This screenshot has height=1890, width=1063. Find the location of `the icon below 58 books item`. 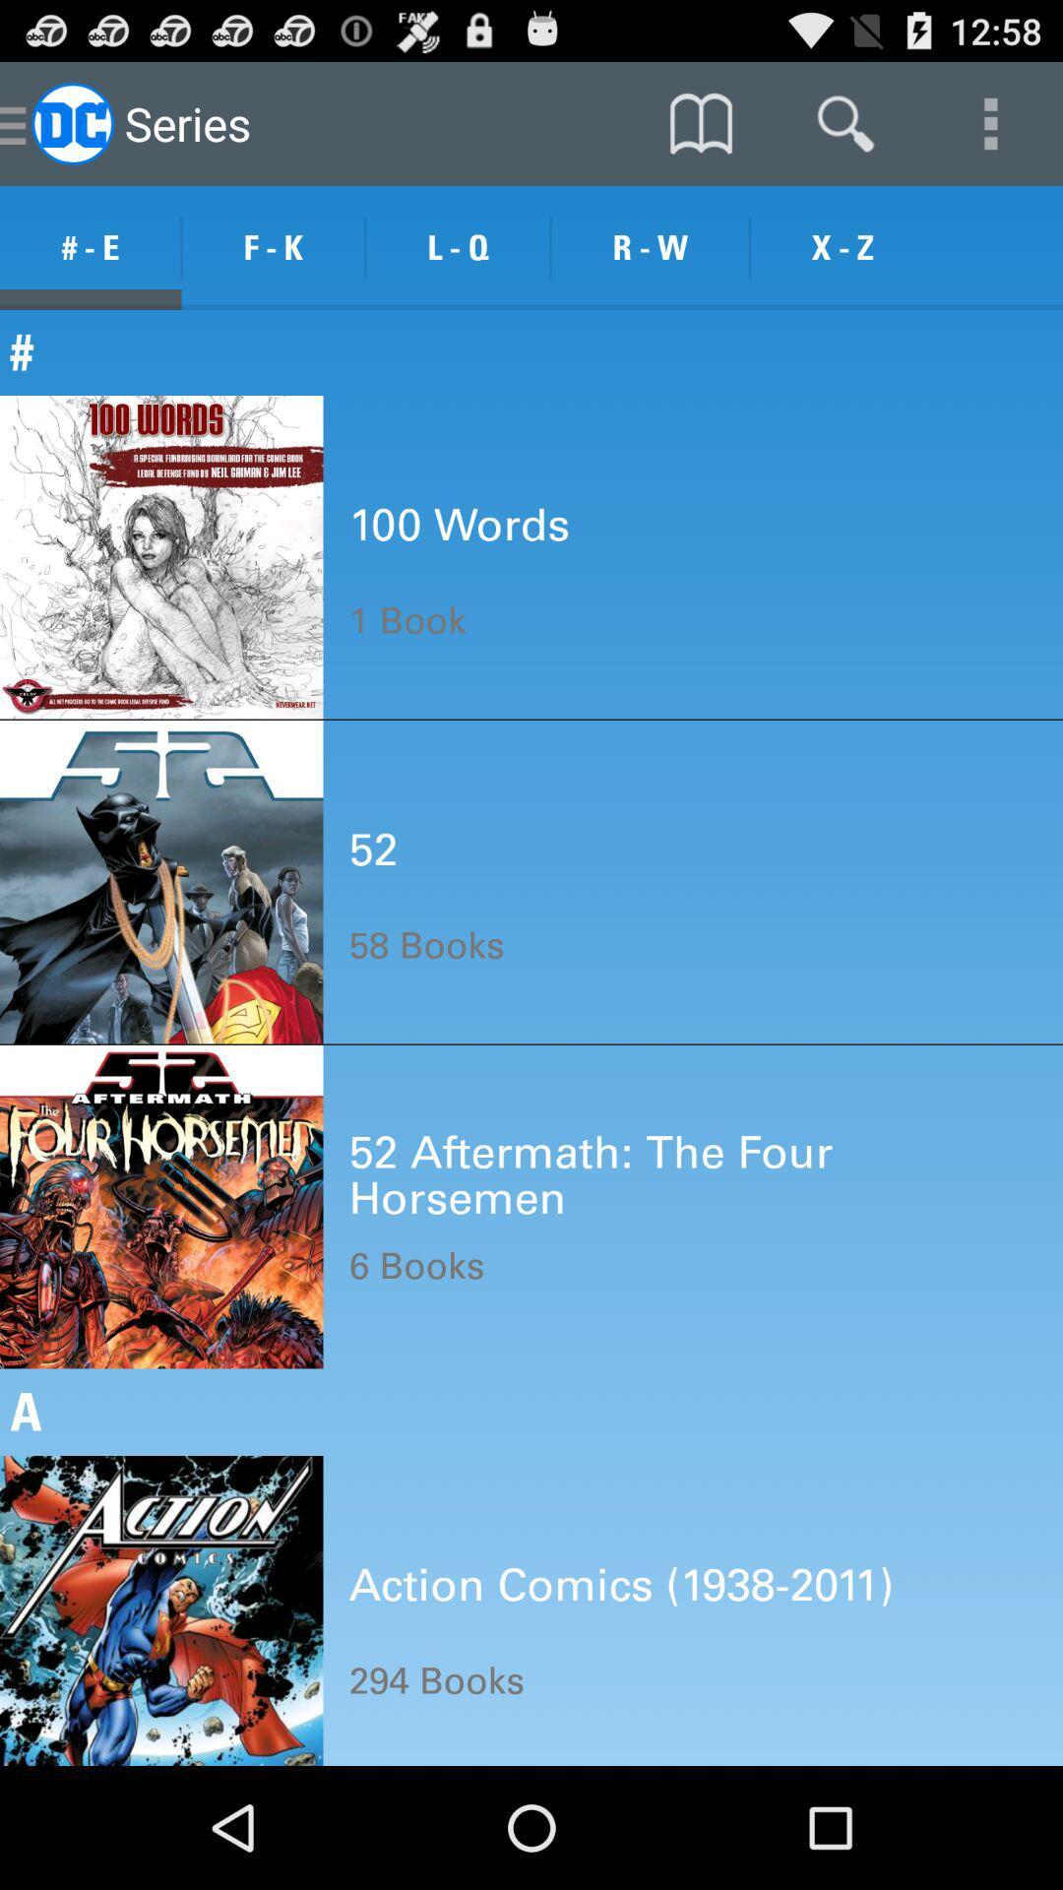

the icon below 58 books item is located at coordinates (692, 1174).